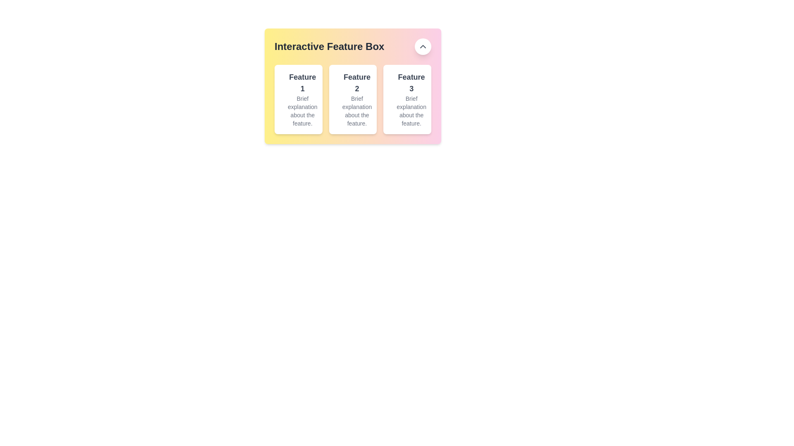 This screenshot has width=794, height=446. I want to click on text in the first feature card's heading and paragraph located in the 'Interactive Feature Box' section on the left side, so click(302, 99).